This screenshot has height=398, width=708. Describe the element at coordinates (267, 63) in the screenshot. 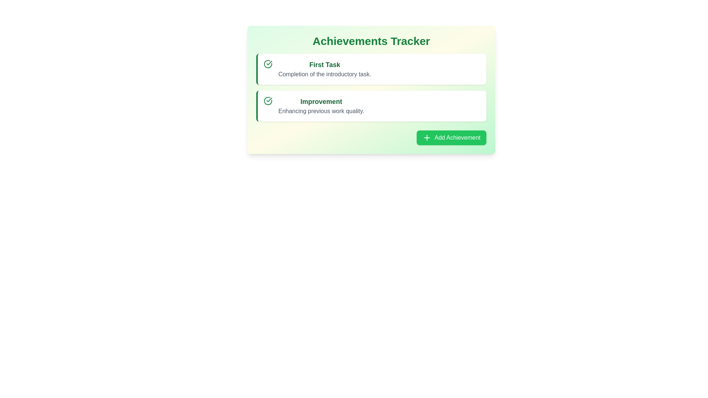

I see `the completed status indicator icon for the 'First Task' entry located in the 'Achievements Tracker' interface, to the left of the text content of the card` at that location.